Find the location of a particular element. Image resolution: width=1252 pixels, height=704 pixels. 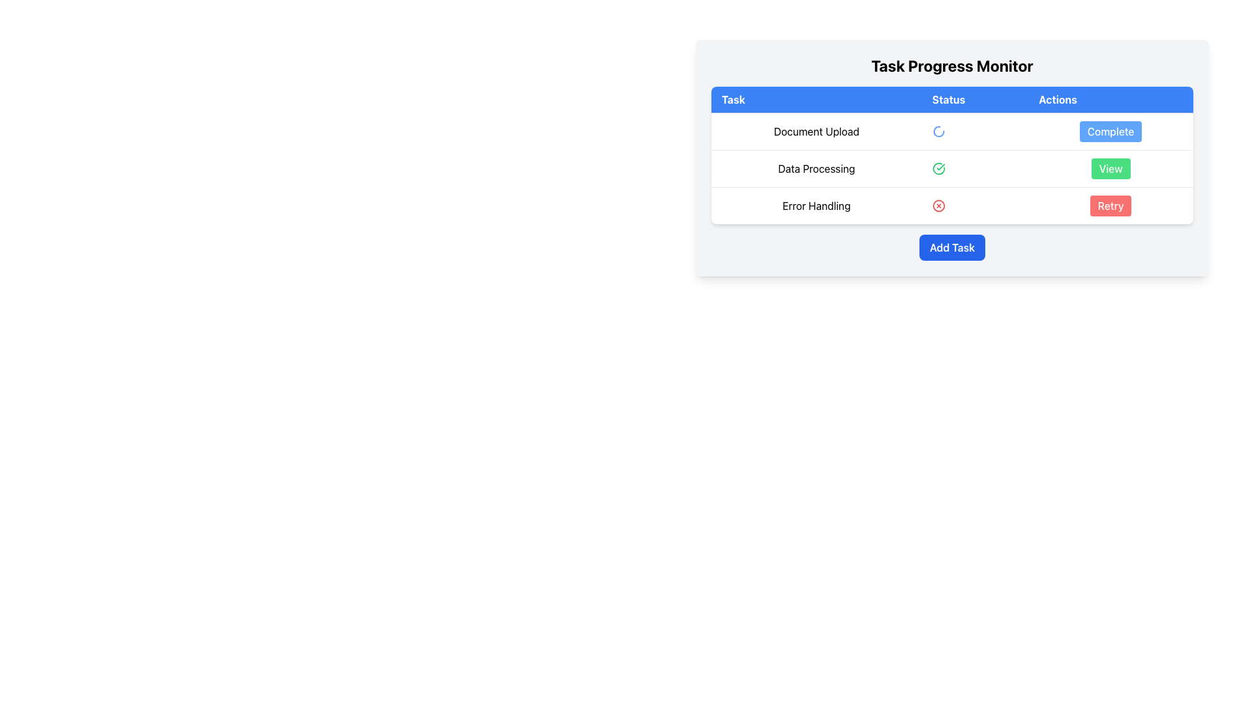

the blue circular loading indicator in the 'Status' column of the first row of the table for the 'Document Upload' task is located at coordinates (938, 131).